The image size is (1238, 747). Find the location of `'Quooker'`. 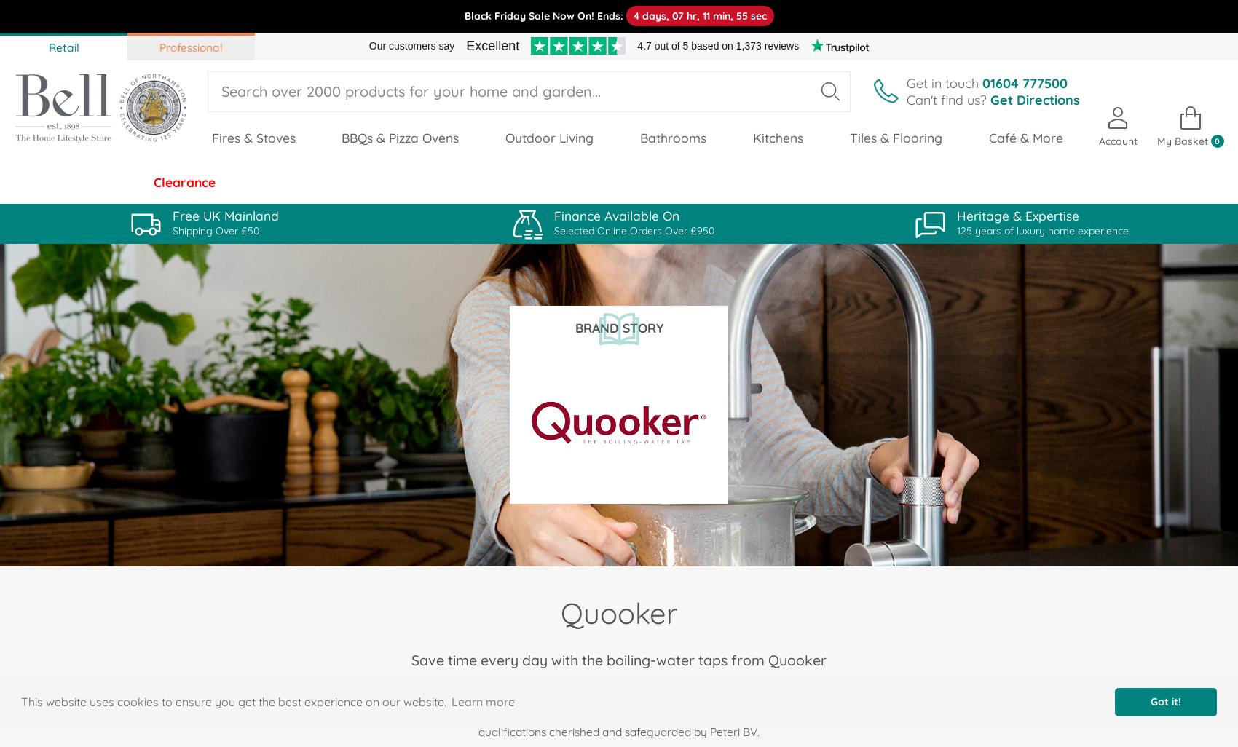

'Quooker' is located at coordinates (619, 612).